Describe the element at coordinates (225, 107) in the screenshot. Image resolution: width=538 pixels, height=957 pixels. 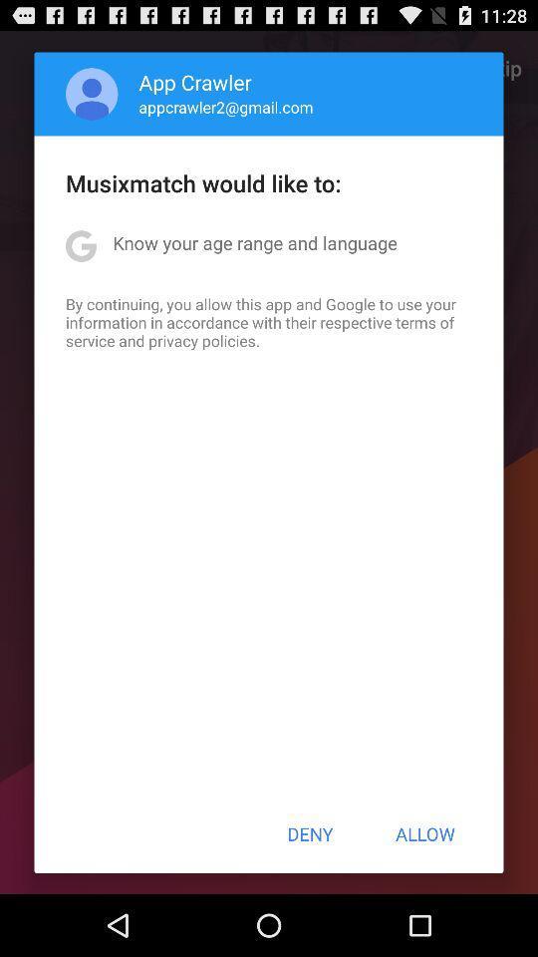
I see `icon below app crawler icon` at that location.